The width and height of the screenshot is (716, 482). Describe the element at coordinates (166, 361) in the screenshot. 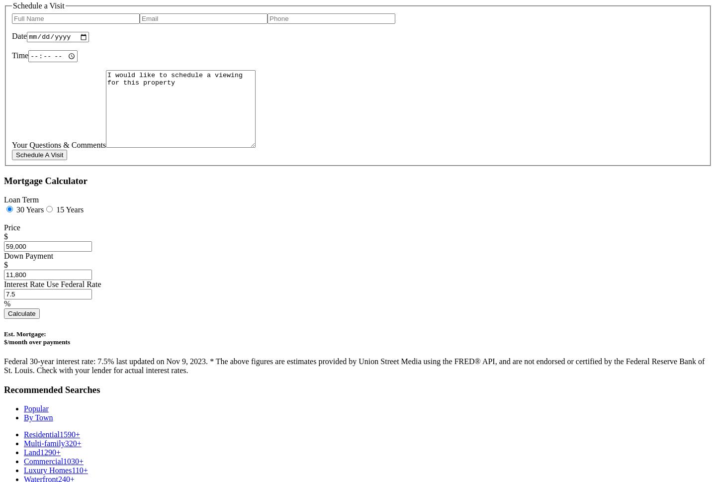

I see `'Nov 9, 2023.'` at that location.